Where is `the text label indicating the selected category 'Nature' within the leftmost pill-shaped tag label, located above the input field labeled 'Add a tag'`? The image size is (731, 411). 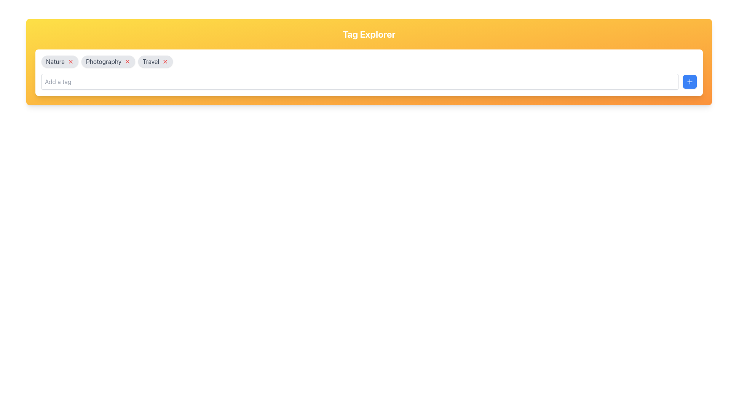 the text label indicating the selected category 'Nature' within the leftmost pill-shaped tag label, located above the input field labeled 'Add a tag' is located at coordinates (55, 61).